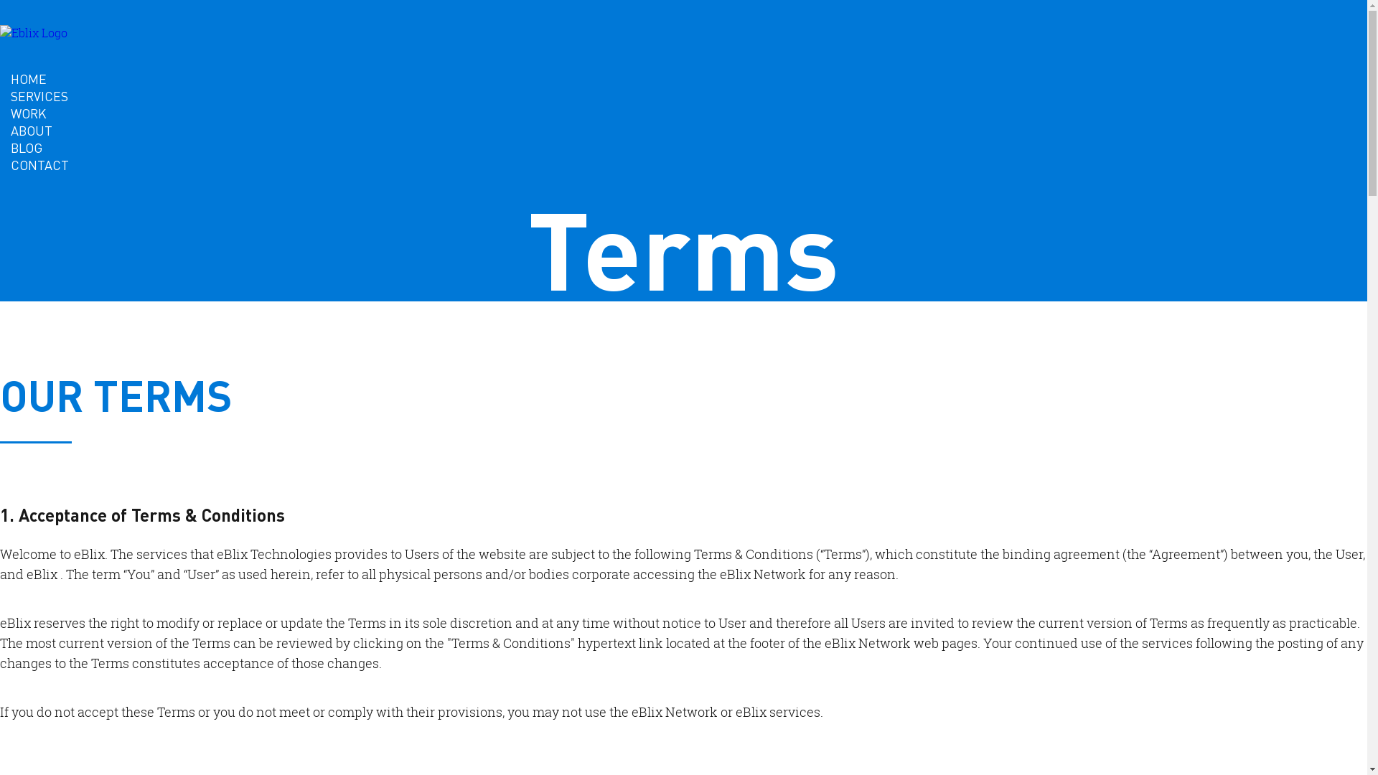 Image resolution: width=1378 pixels, height=775 pixels. I want to click on 'ABOUT', so click(31, 130).